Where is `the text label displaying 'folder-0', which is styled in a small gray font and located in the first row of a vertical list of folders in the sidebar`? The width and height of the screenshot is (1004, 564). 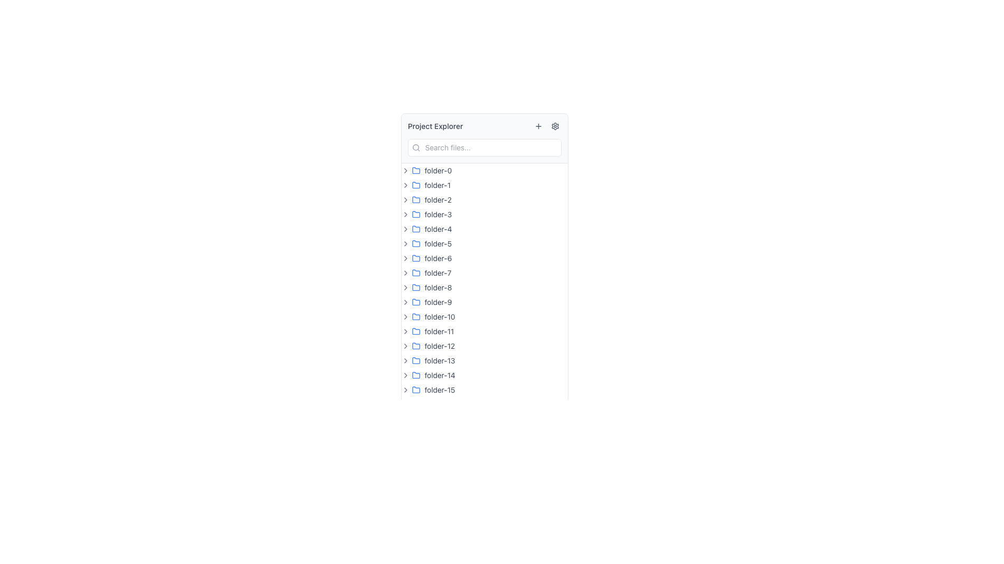 the text label displaying 'folder-0', which is styled in a small gray font and located in the first row of a vertical list of folders in the sidebar is located at coordinates (438, 170).